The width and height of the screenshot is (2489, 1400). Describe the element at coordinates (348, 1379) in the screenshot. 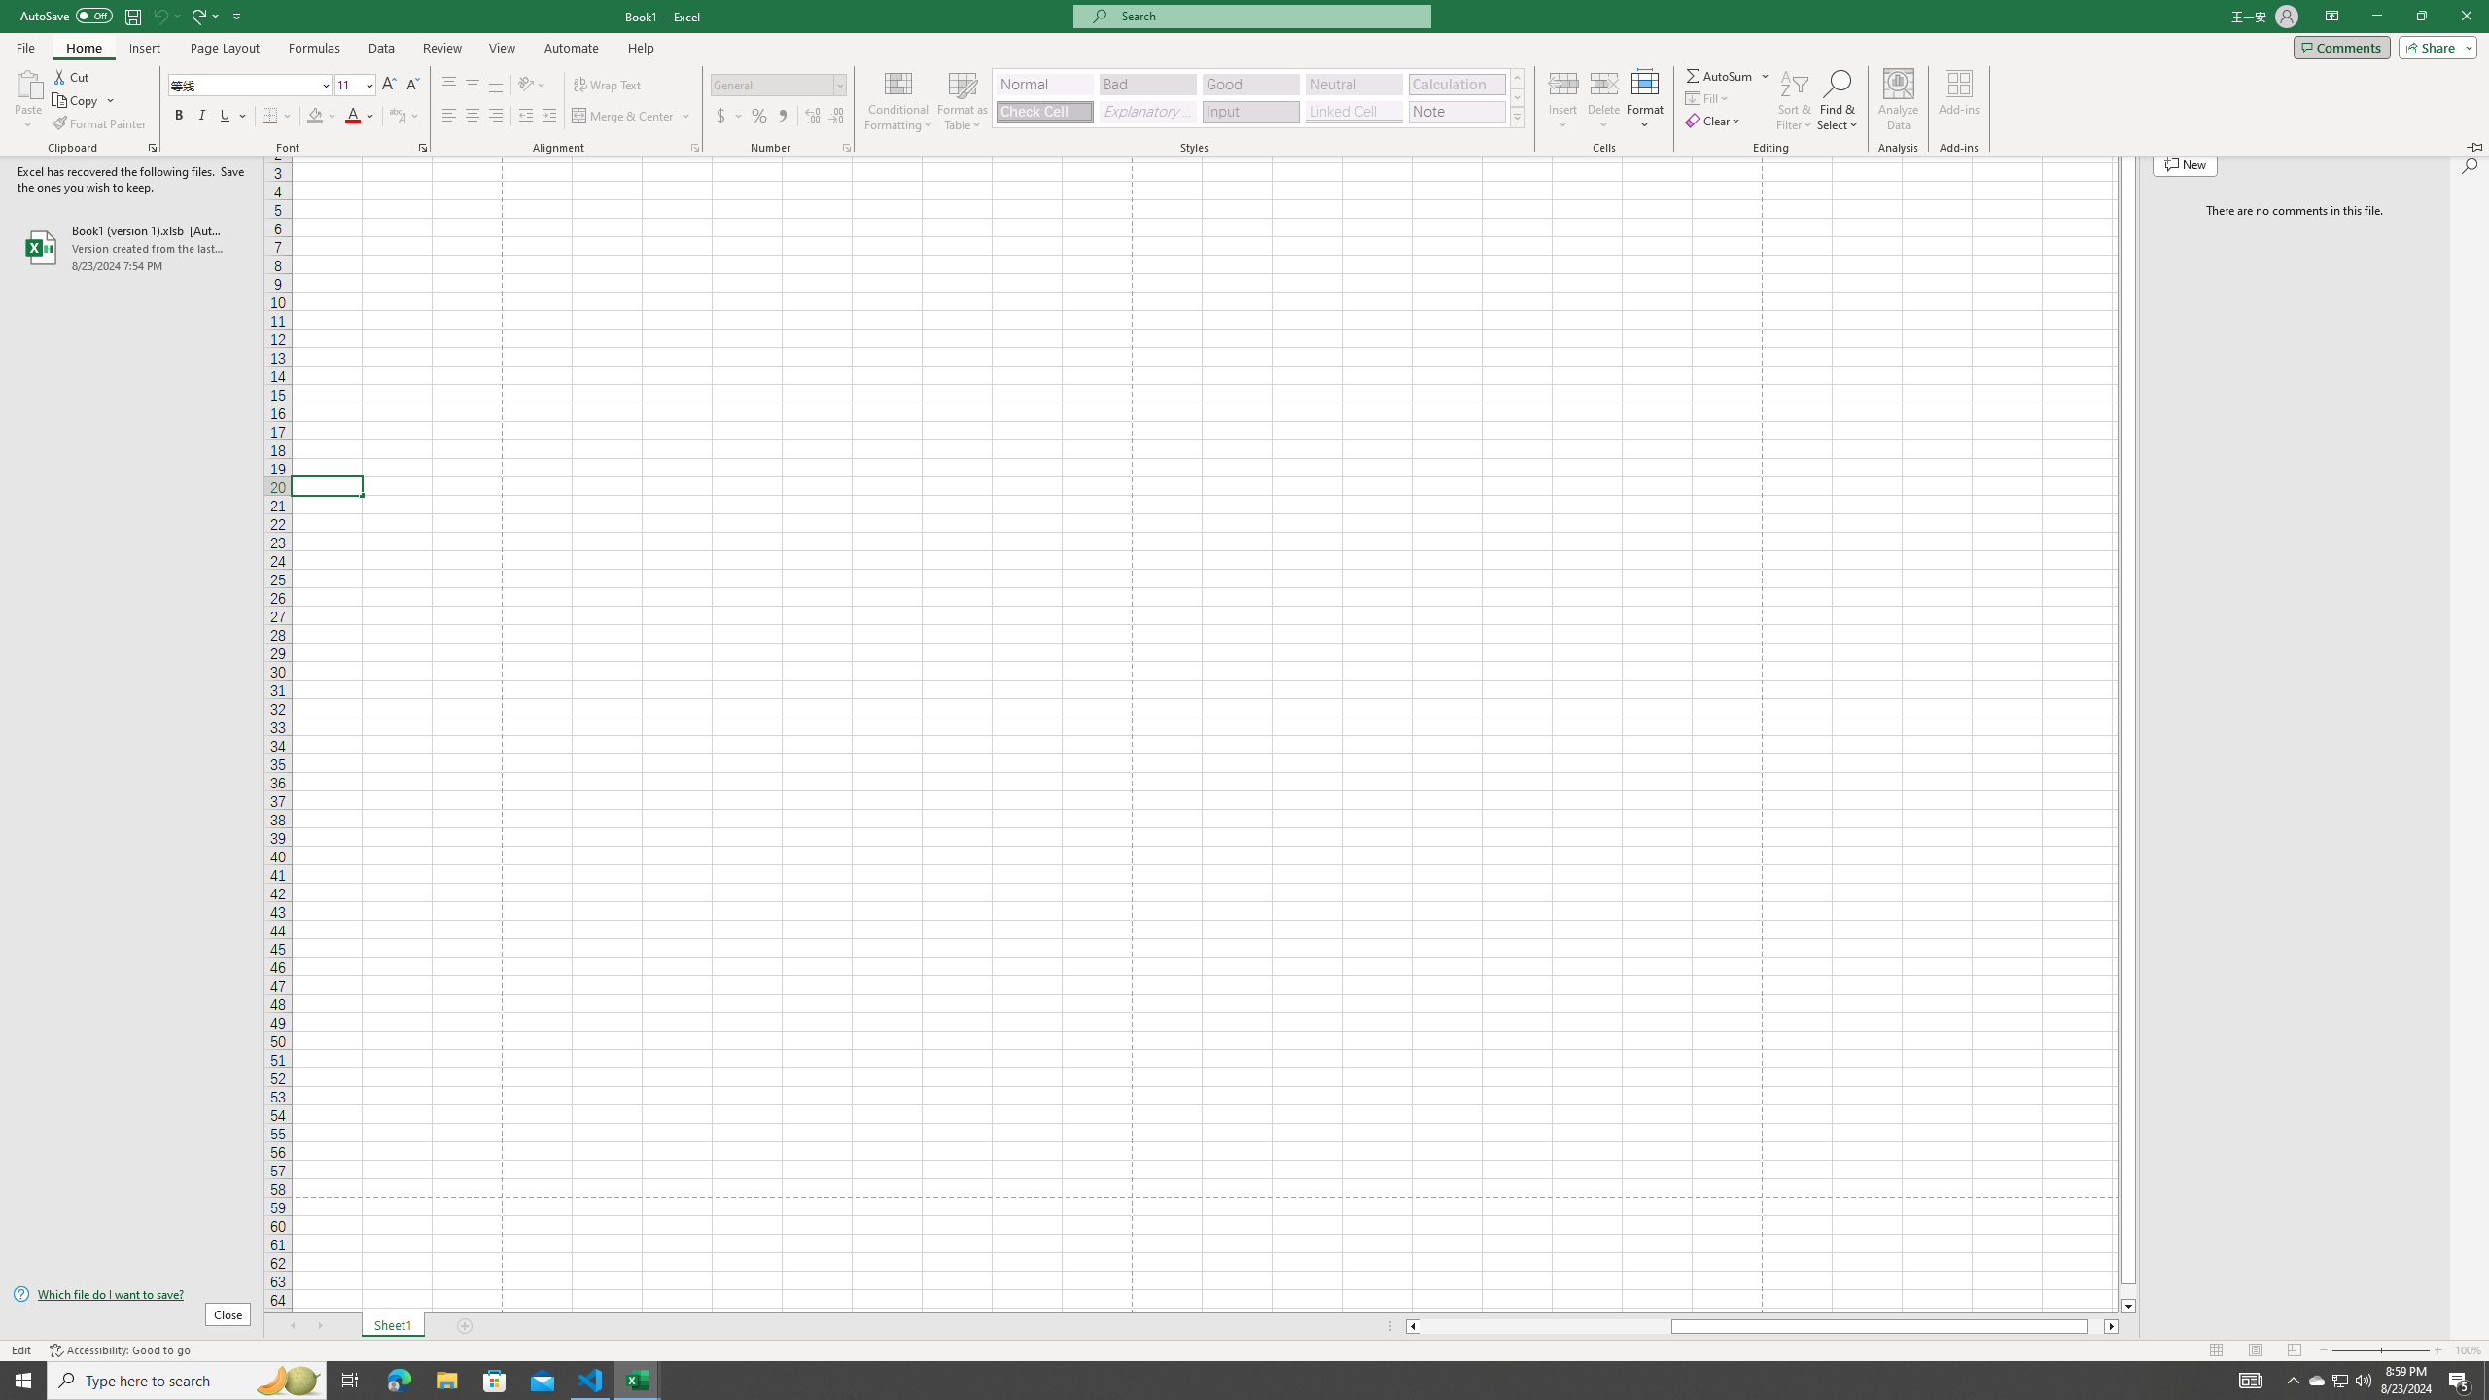

I see `'Task View'` at that location.